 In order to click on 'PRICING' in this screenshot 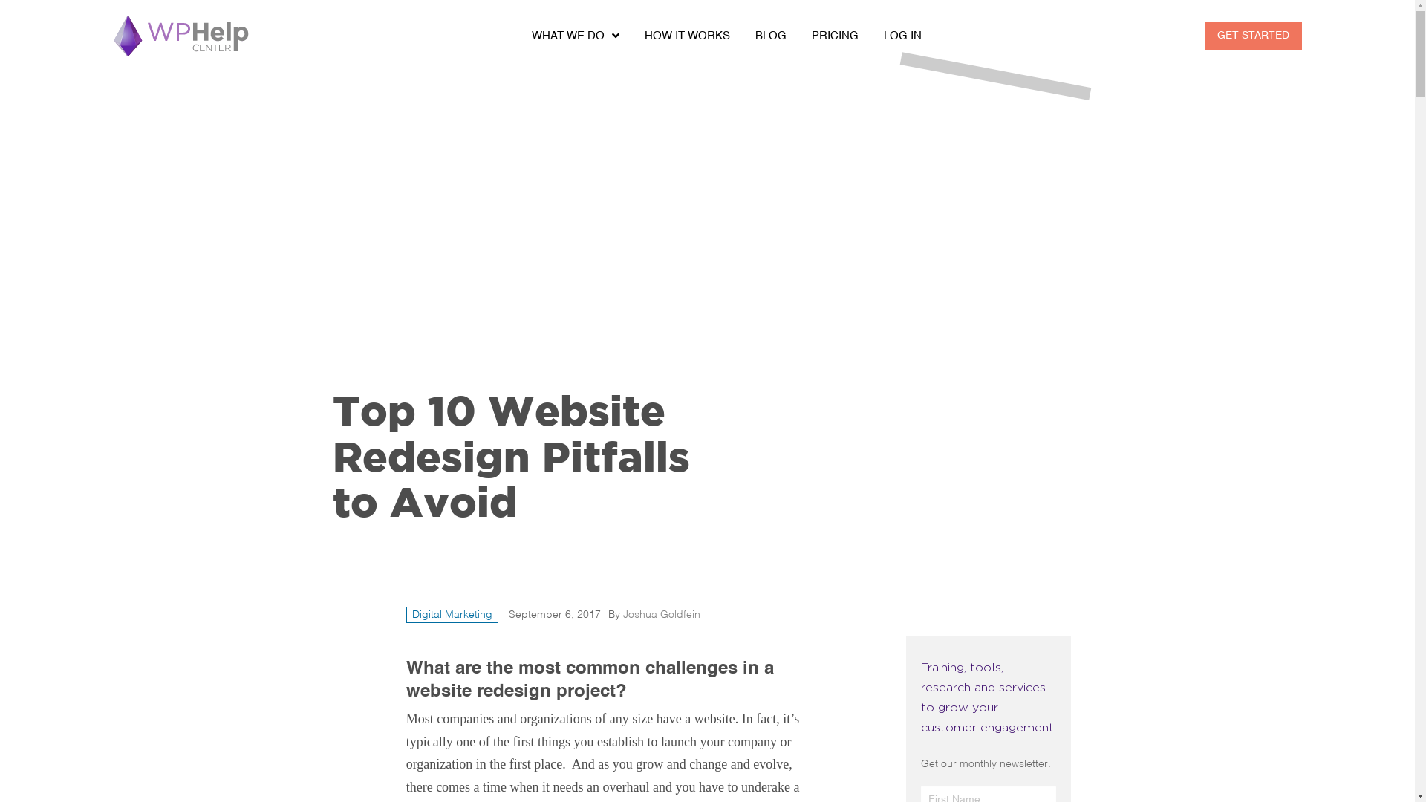, I will do `click(798, 34)`.